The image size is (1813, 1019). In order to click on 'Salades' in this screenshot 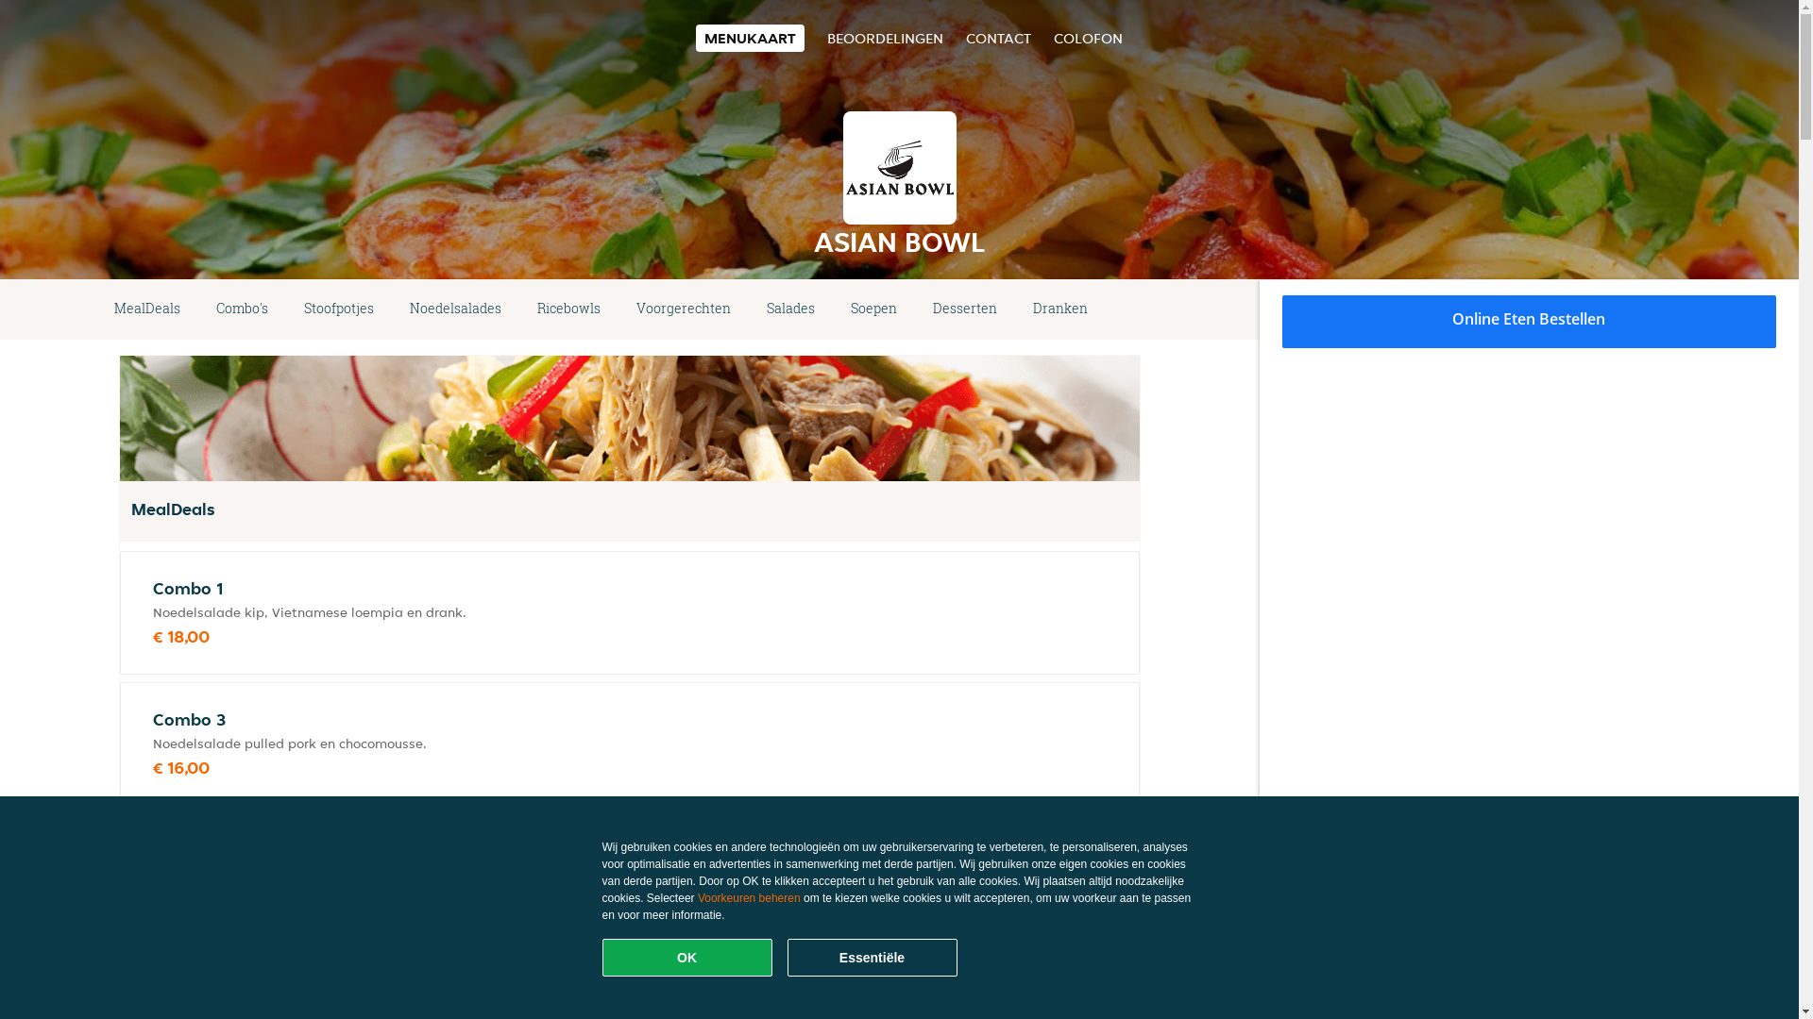, I will do `click(790, 308)`.